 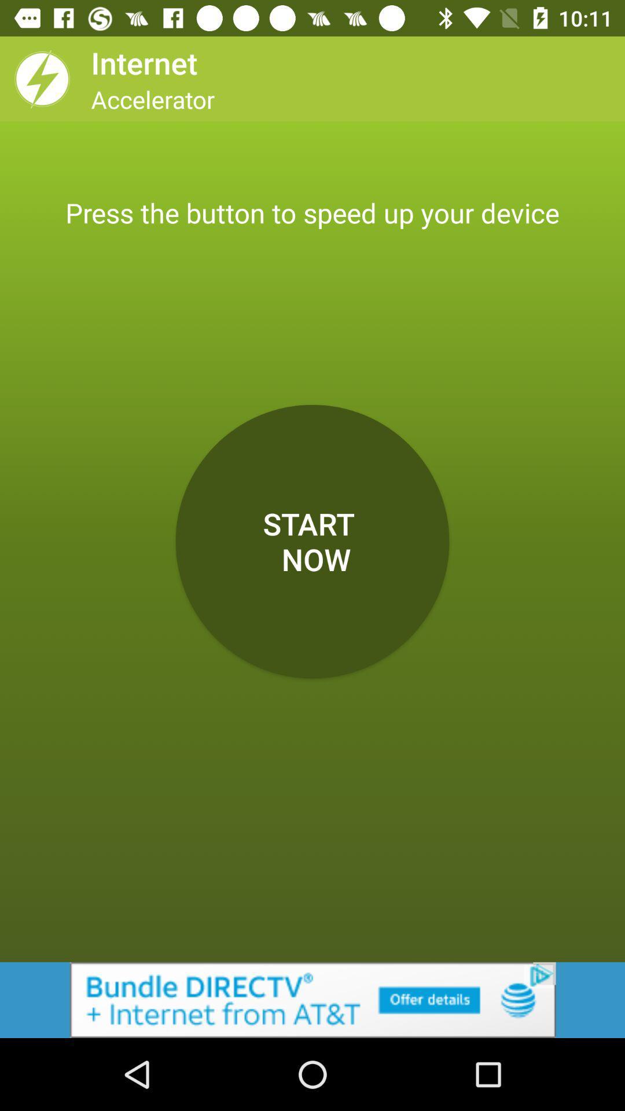 I want to click on advertisement image, so click(x=312, y=999).